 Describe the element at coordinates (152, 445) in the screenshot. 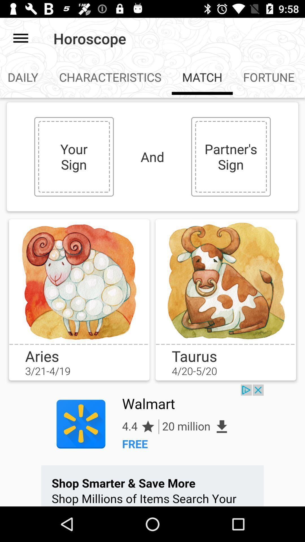

I see `the add` at that location.